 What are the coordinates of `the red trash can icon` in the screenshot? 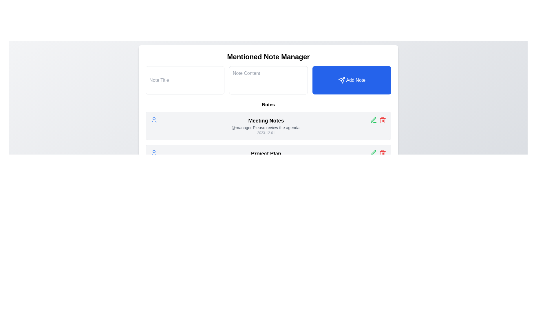 It's located at (383, 153).